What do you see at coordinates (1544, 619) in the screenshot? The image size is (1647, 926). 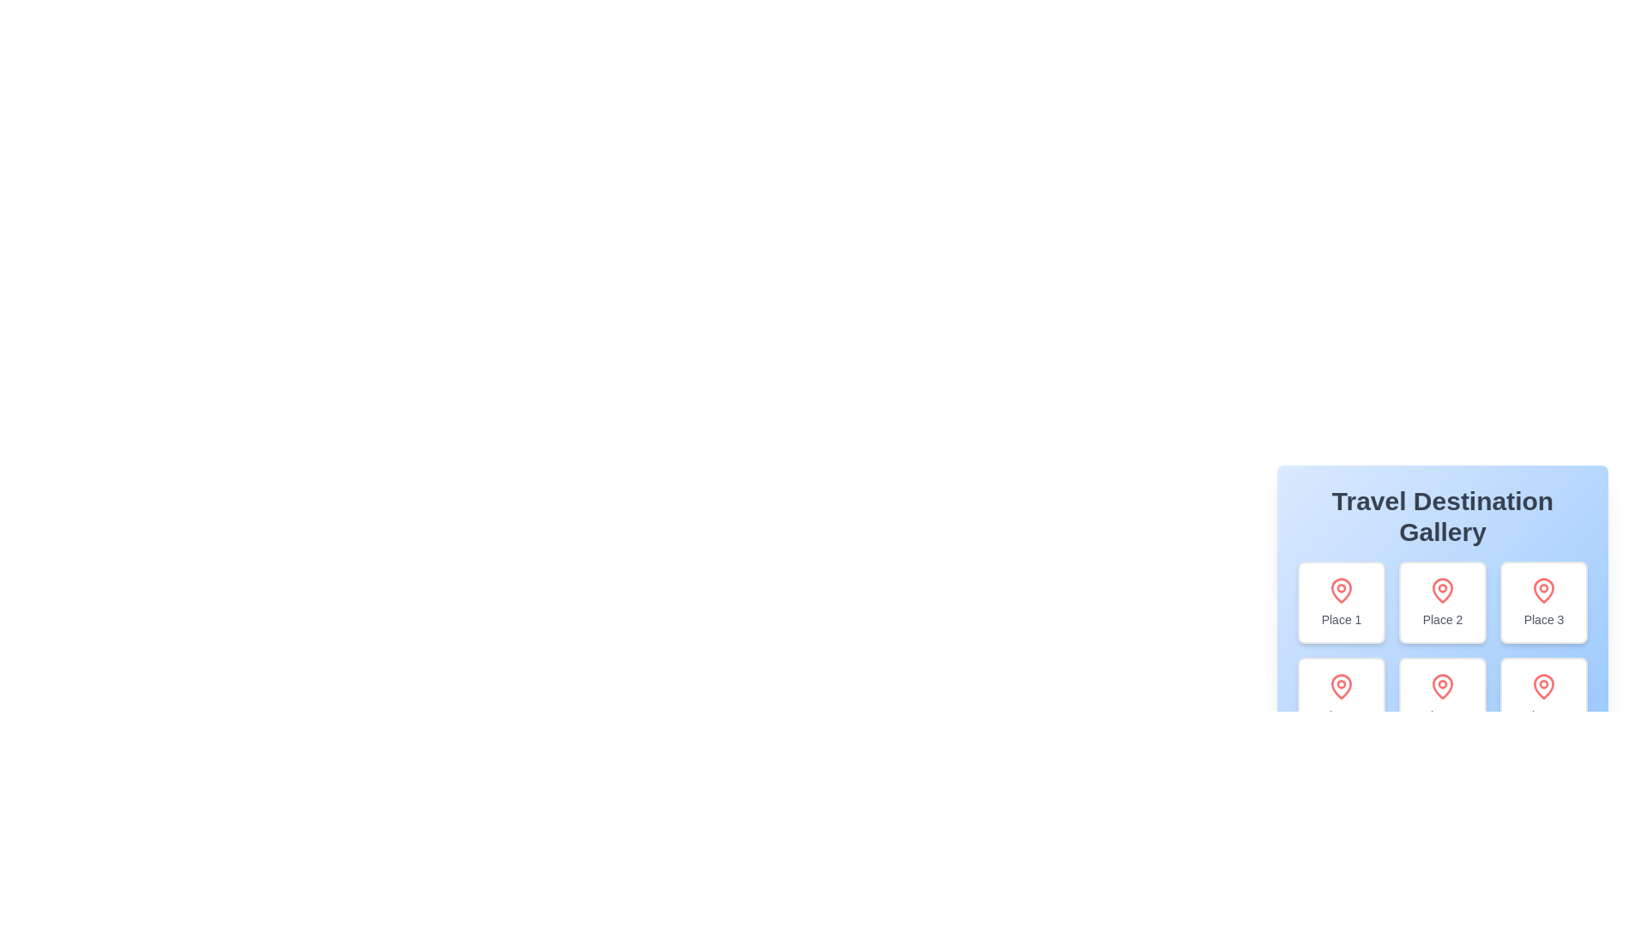 I see `the text label displaying 'Place 3', located at the bottom of the card in the third position of the top row within the 'Travel Destination Gallery', directly beneath the map pin icon` at bounding box center [1544, 619].